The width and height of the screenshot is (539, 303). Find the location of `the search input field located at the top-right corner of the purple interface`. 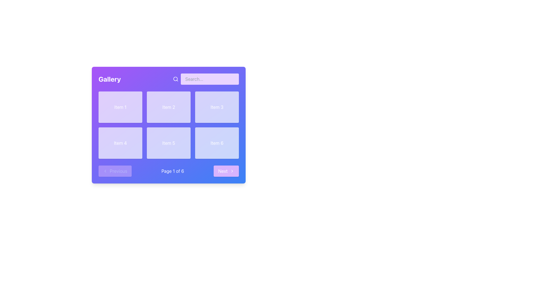

the search input field located at the top-right corner of the purple interface is located at coordinates (209, 79).